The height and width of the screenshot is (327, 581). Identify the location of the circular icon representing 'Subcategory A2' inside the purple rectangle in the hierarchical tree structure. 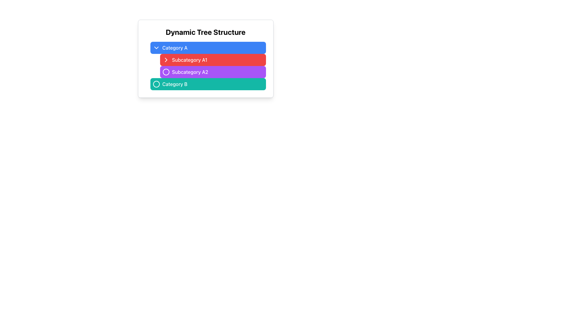
(166, 72).